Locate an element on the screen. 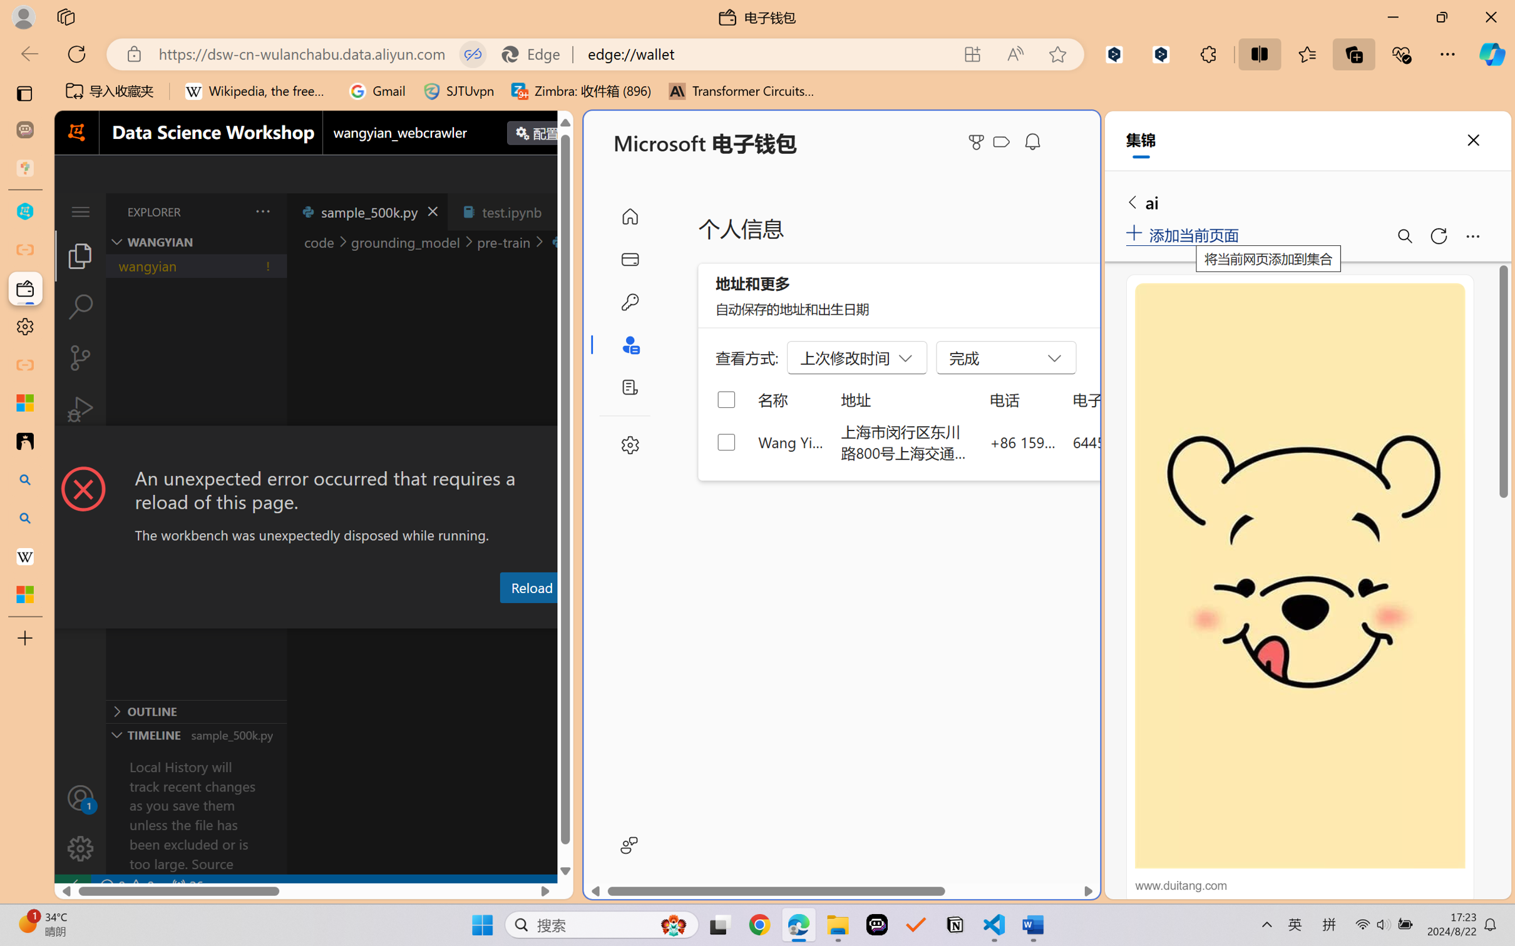  'Debug Console (Ctrl+Shift+Y)' is located at coordinates (505, 617).